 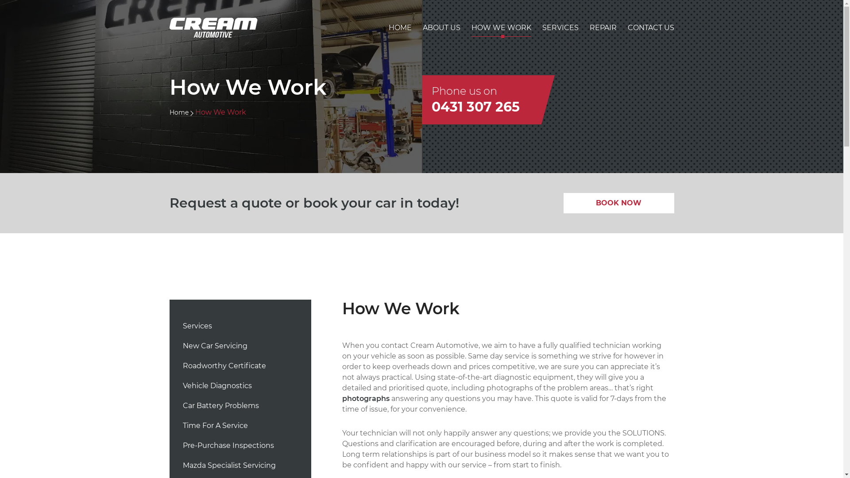 I want to click on 'Pre-Purchase Inspections', so click(x=228, y=449).